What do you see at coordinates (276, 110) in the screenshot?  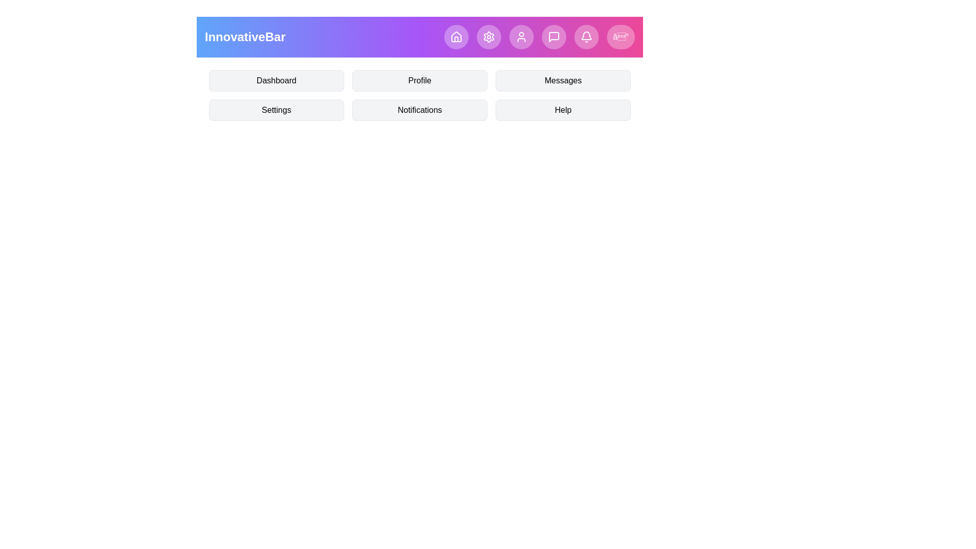 I see `the menu item Settings by clicking on it` at bounding box center [276, 110].